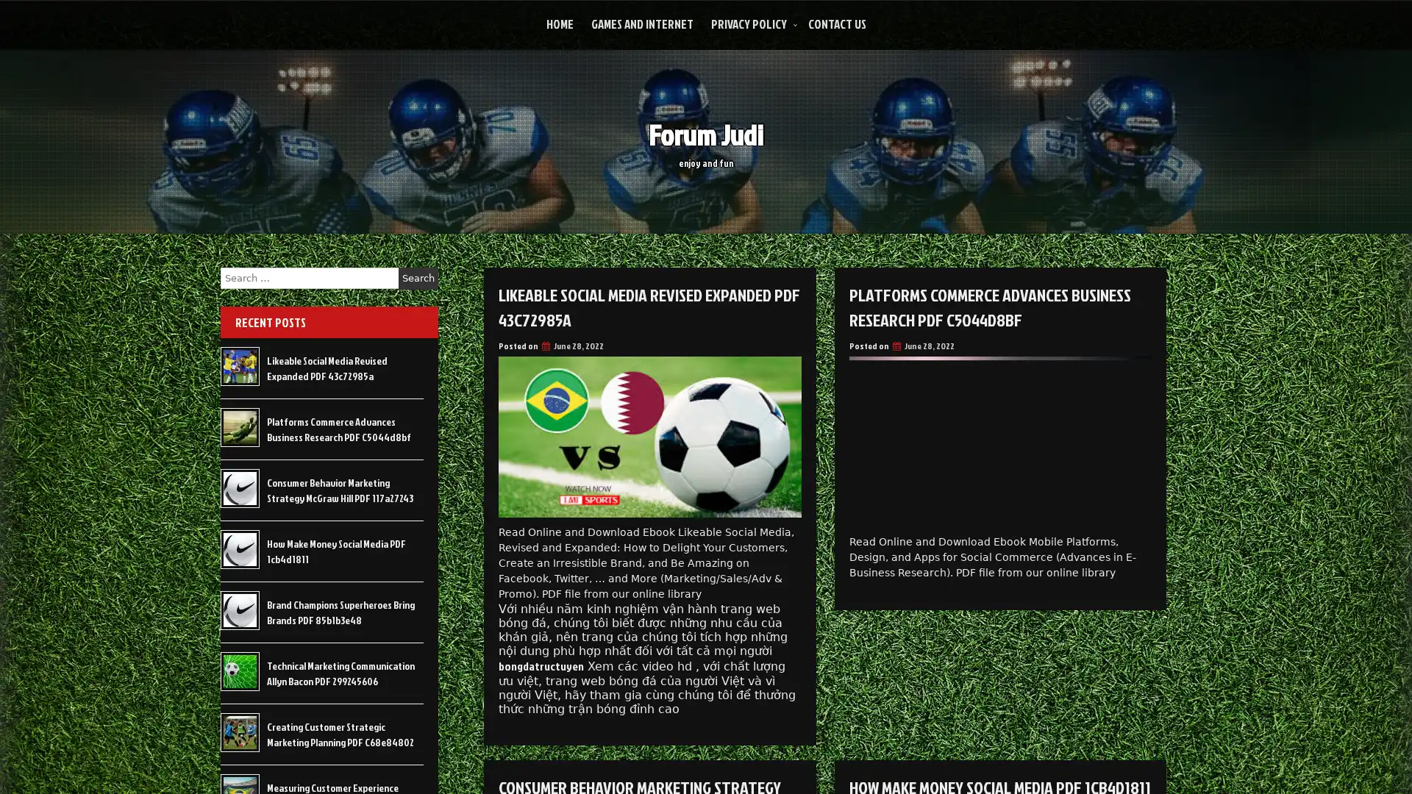 The image size is (1412, 794). What do you see at coordinates (418, 278) in the screenshot?
I see `Search` at bounding box center [418, 278].